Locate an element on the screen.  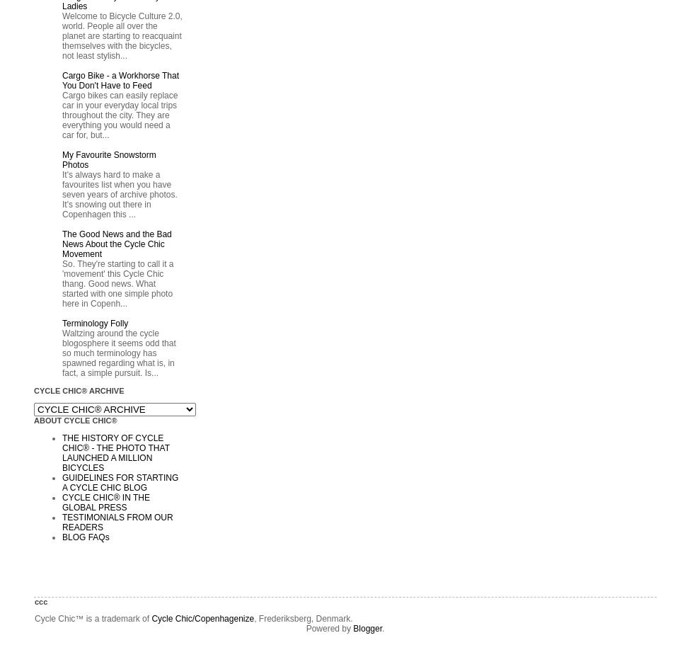
'Cargo bikes can easily replace car in your everyday local trips throughout the city. They are everything you would need a car for, but...' is located at coordinates (120, 115).